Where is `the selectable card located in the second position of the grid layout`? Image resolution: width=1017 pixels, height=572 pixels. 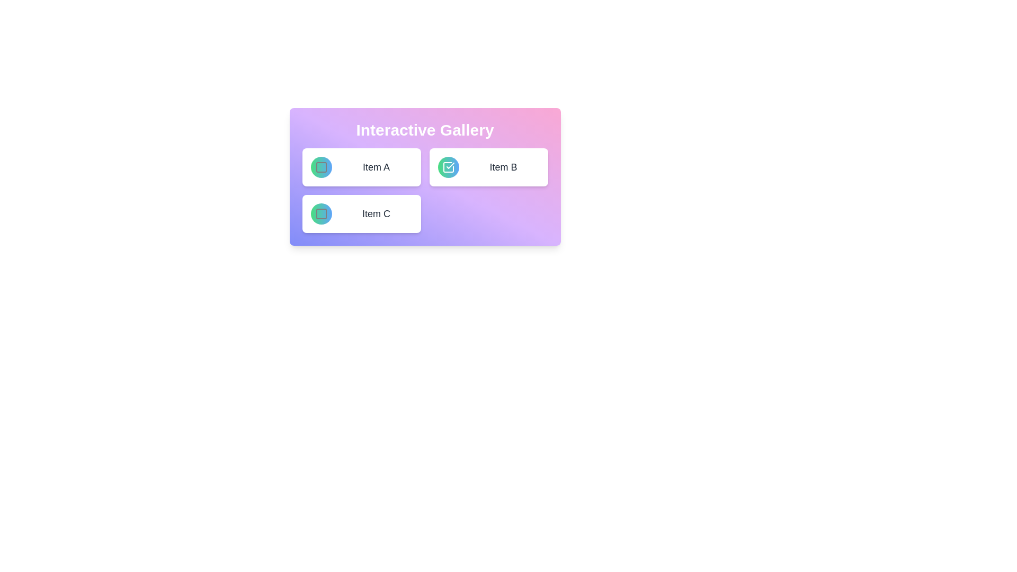
the selectable card located in the second position of the grid layout is located at coordinates (488, 167).